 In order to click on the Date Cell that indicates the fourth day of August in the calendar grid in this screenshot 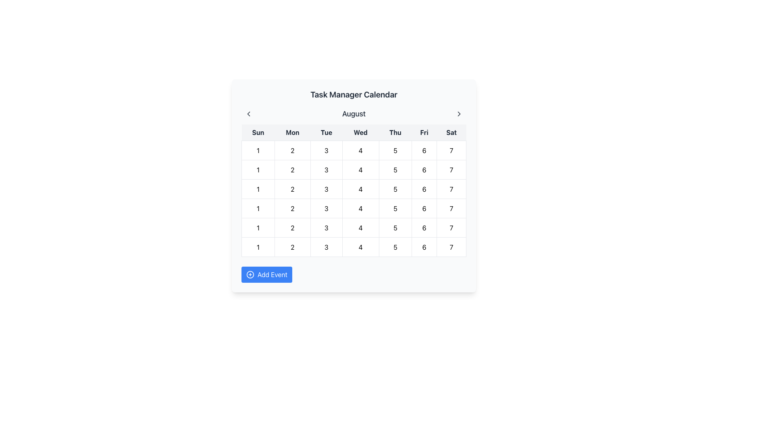, I will do `click(360, 246)`.